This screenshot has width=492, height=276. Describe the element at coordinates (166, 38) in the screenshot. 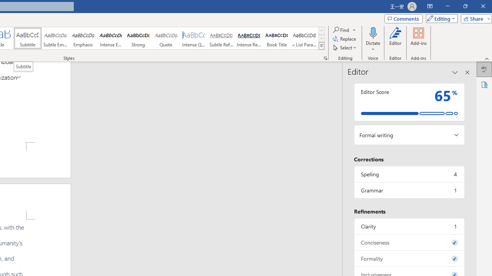

I see `'Quote'` at that location.